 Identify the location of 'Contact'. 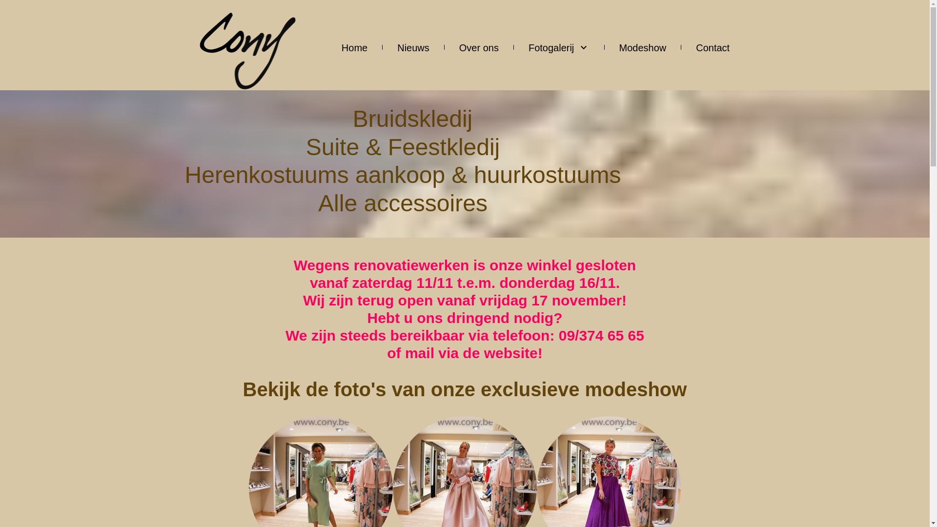
(713, 47).